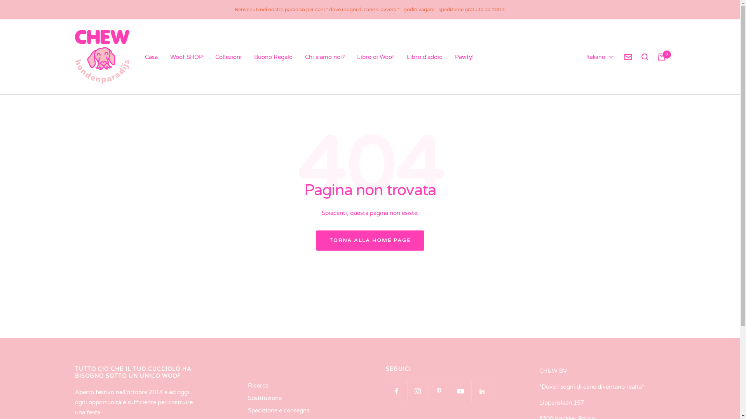 This screenshot has width=746, height=419. Describe the element at coordinates (591, 83) in the screenshot. I see `'nl'` at that location.